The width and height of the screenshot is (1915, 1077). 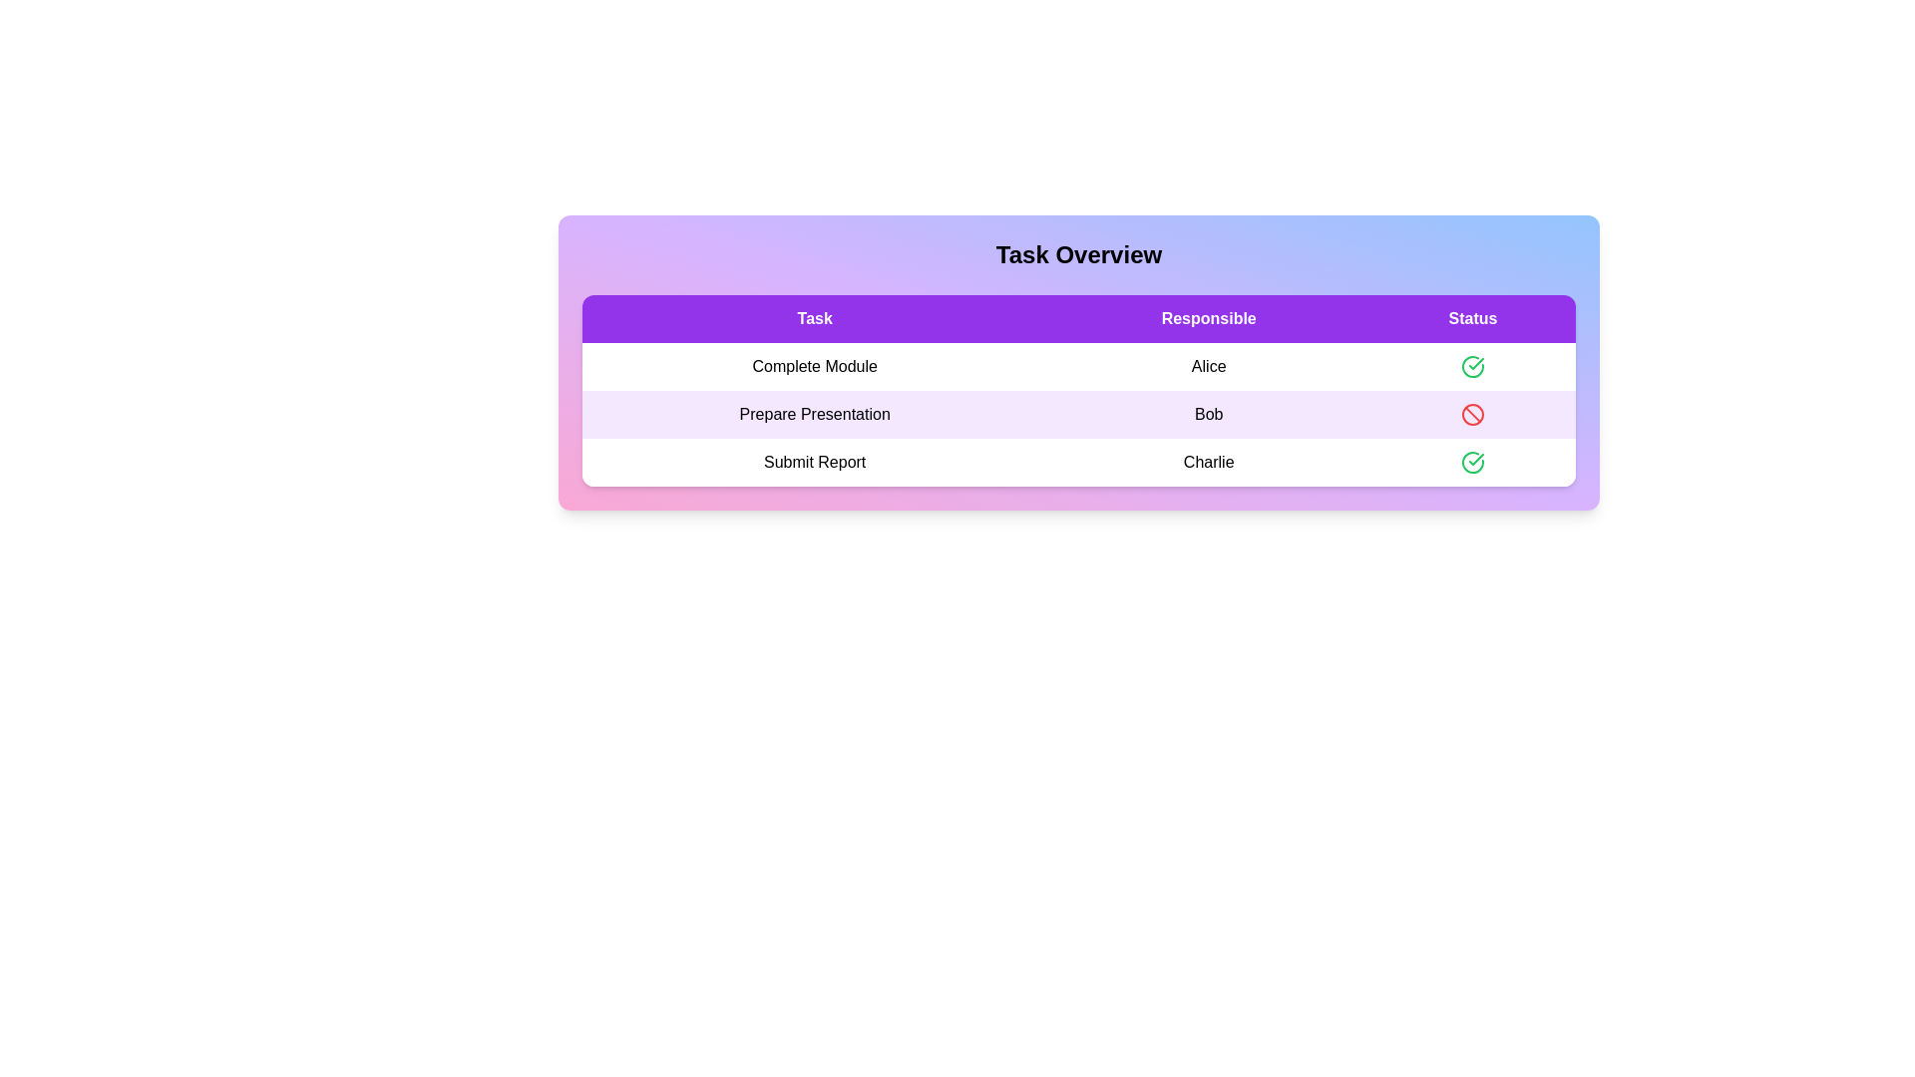 What do you see at coordinates (1473, 414) in the screenshot?
I see `the decorative SVG Circle that is part of the 'ban' icon located in the second row of the Status column in the Task Overview section` at bounding box center [1473, 414].